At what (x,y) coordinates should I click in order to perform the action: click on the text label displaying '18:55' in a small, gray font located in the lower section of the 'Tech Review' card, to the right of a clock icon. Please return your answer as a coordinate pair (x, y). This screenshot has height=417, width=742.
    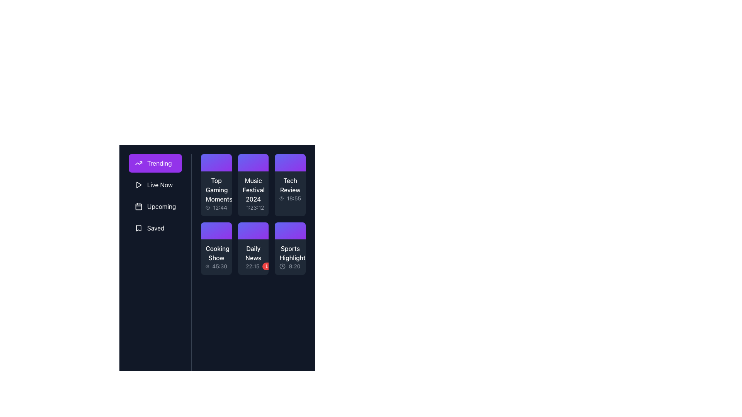
    Looking at the image, I should click on (293, 198).